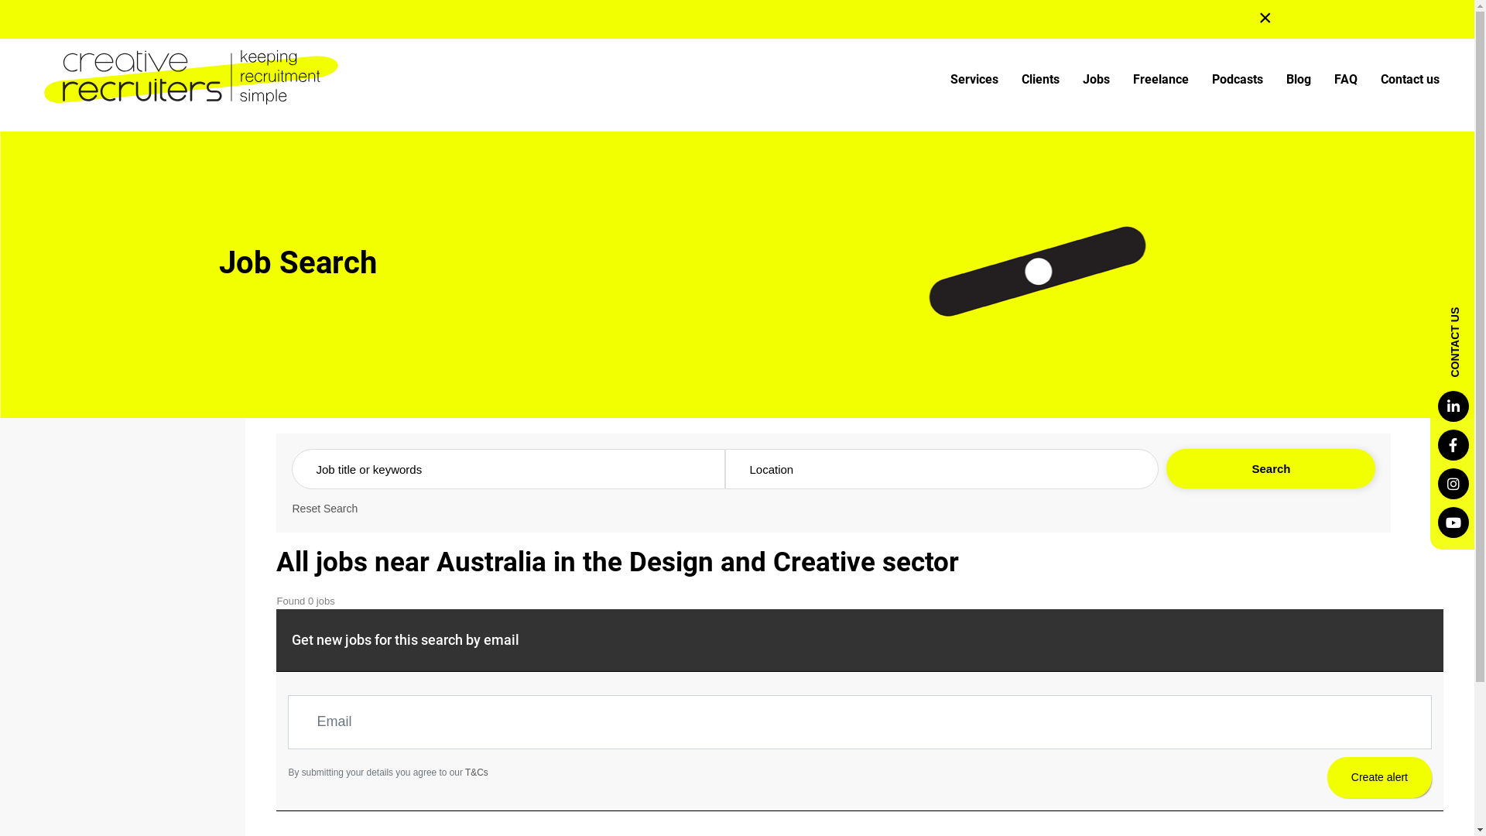  Describe the element at coordinates (1299, 80) in the screenshot. I see `'Blog'` at that location.